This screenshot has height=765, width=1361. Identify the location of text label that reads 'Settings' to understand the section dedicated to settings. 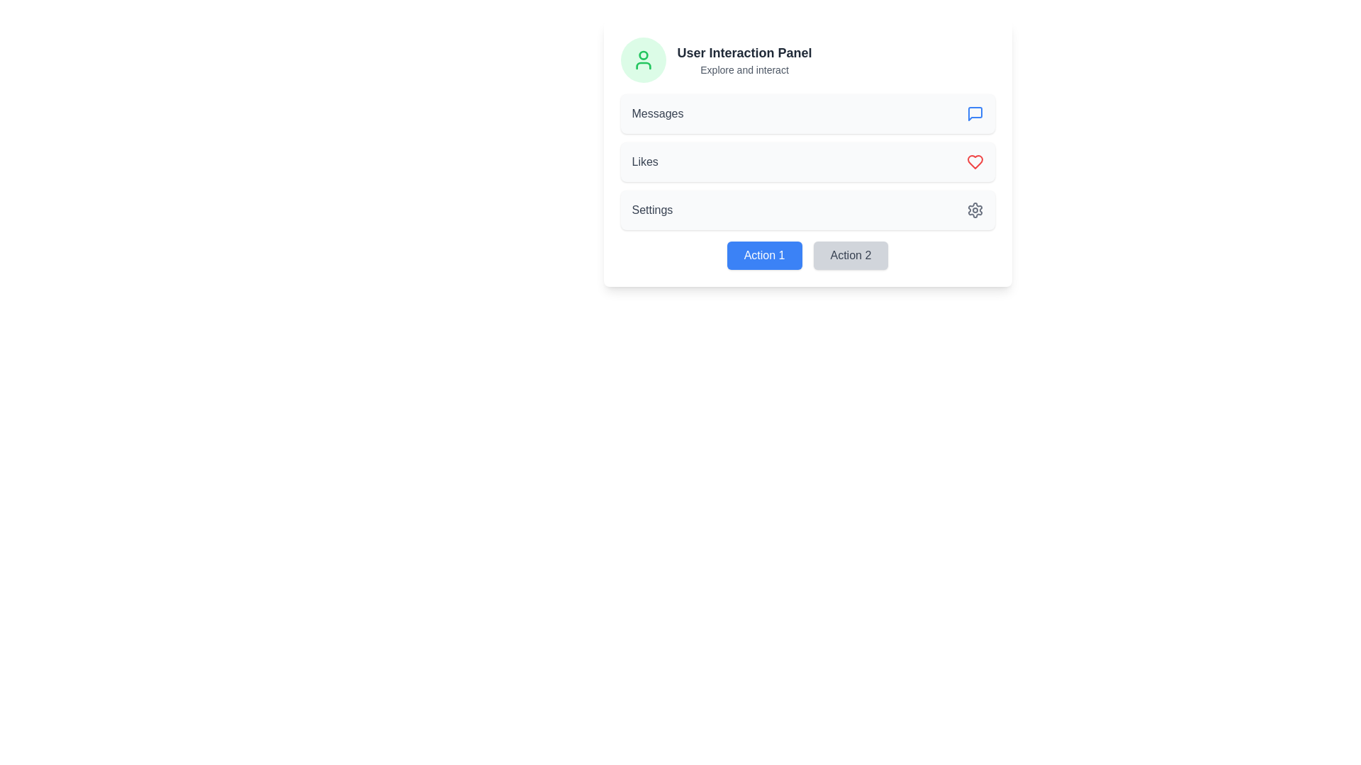
(651, 210).